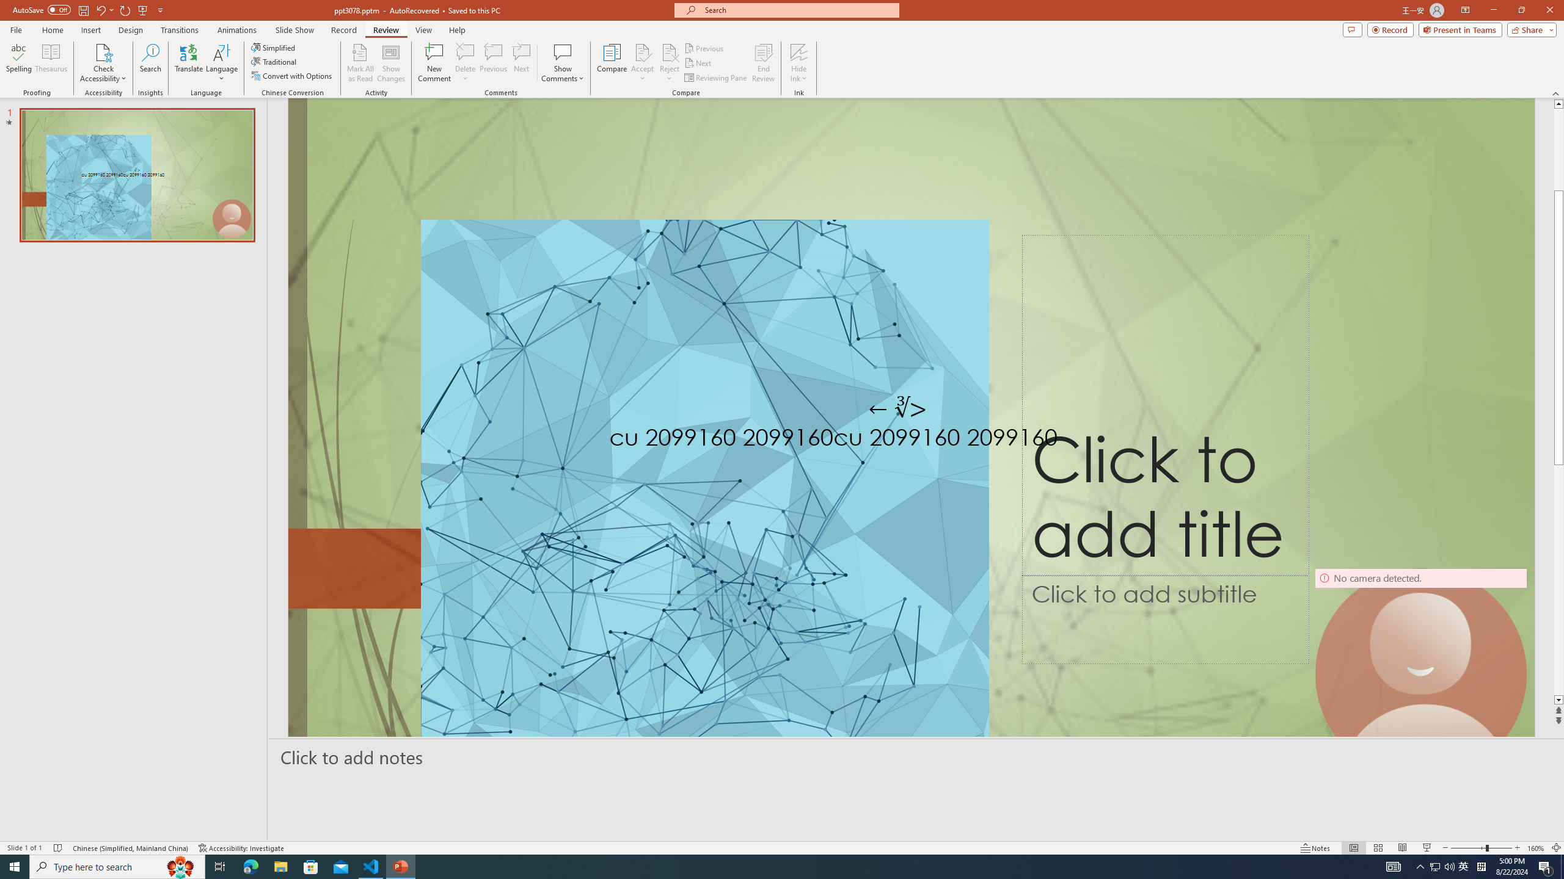  I want to click on 'Show Changes', so click(391, 63).